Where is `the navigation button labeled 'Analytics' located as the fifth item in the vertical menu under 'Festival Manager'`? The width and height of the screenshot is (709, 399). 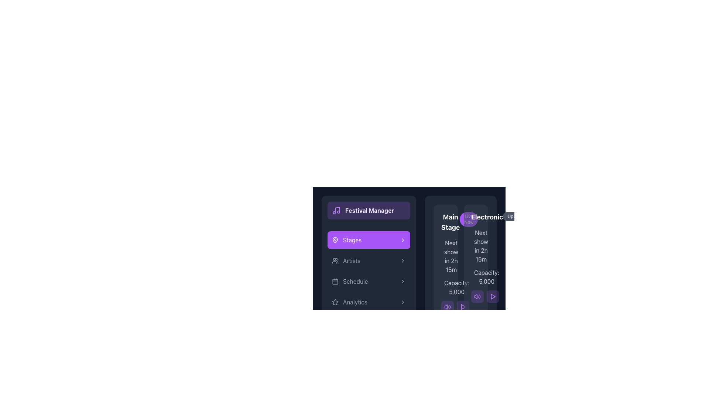
the navigation button labeled 'Analytics' located as the fifth item in the vertical menu under 'Festival Manager' is located at coordinates (369, 302).